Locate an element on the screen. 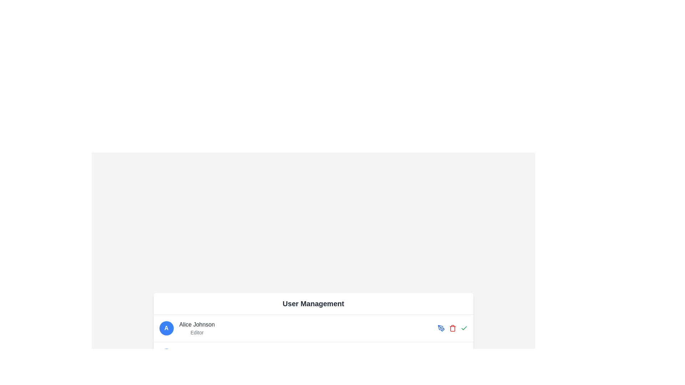 The image size is (685, 385). the small blue pen tool icon located as the first icon in a horizontal group of three interactive icons is located at coordinates (441, 328).